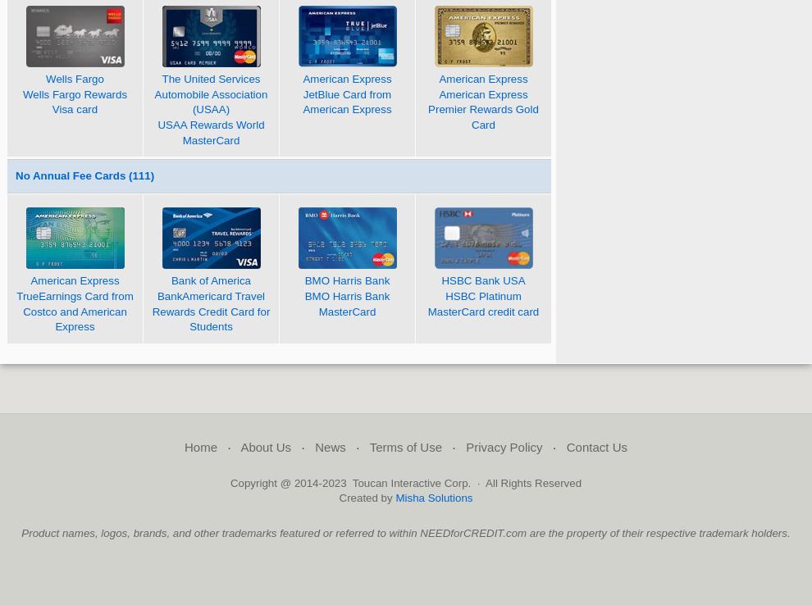 This screenshot has width=812, height=605. I want to click on 'BMO Harris Bank', so click(303, 280).